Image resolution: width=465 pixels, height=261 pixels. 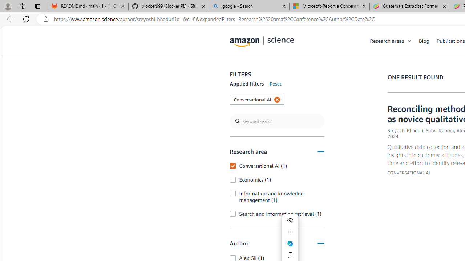 What do you see at coordinates (290, 220) in the screenshot?
I see `'Hide menu'` at bounding box center [290, 220].